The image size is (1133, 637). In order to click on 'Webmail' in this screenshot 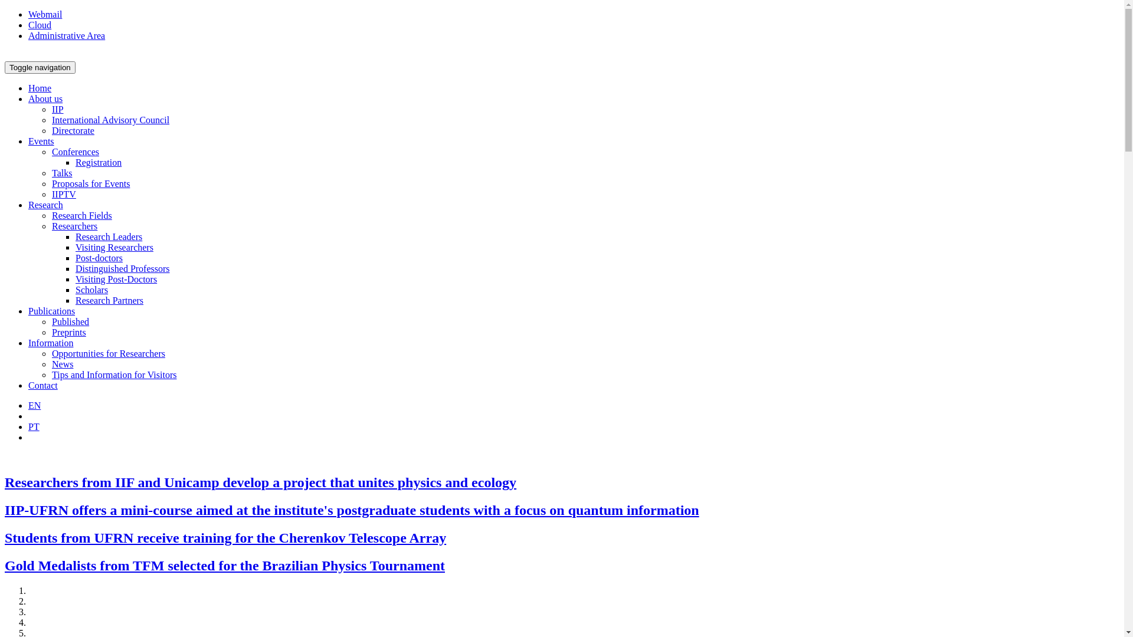, I will do `click(28, 14)`.